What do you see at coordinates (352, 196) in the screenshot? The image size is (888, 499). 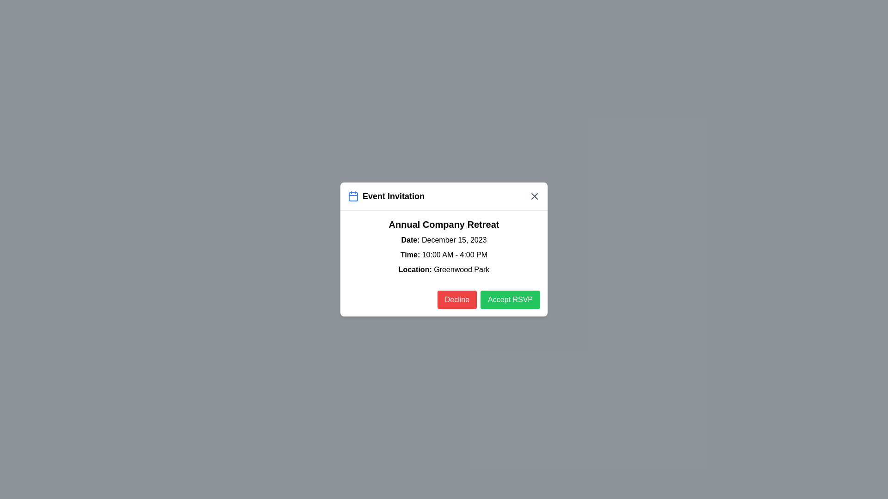 I see `the graphical SVG element that serves as a background for the calendar icon located at the top-left corner of the modal window, aligning with the 'Event Invitation' text` at bounding box center [352, 196].